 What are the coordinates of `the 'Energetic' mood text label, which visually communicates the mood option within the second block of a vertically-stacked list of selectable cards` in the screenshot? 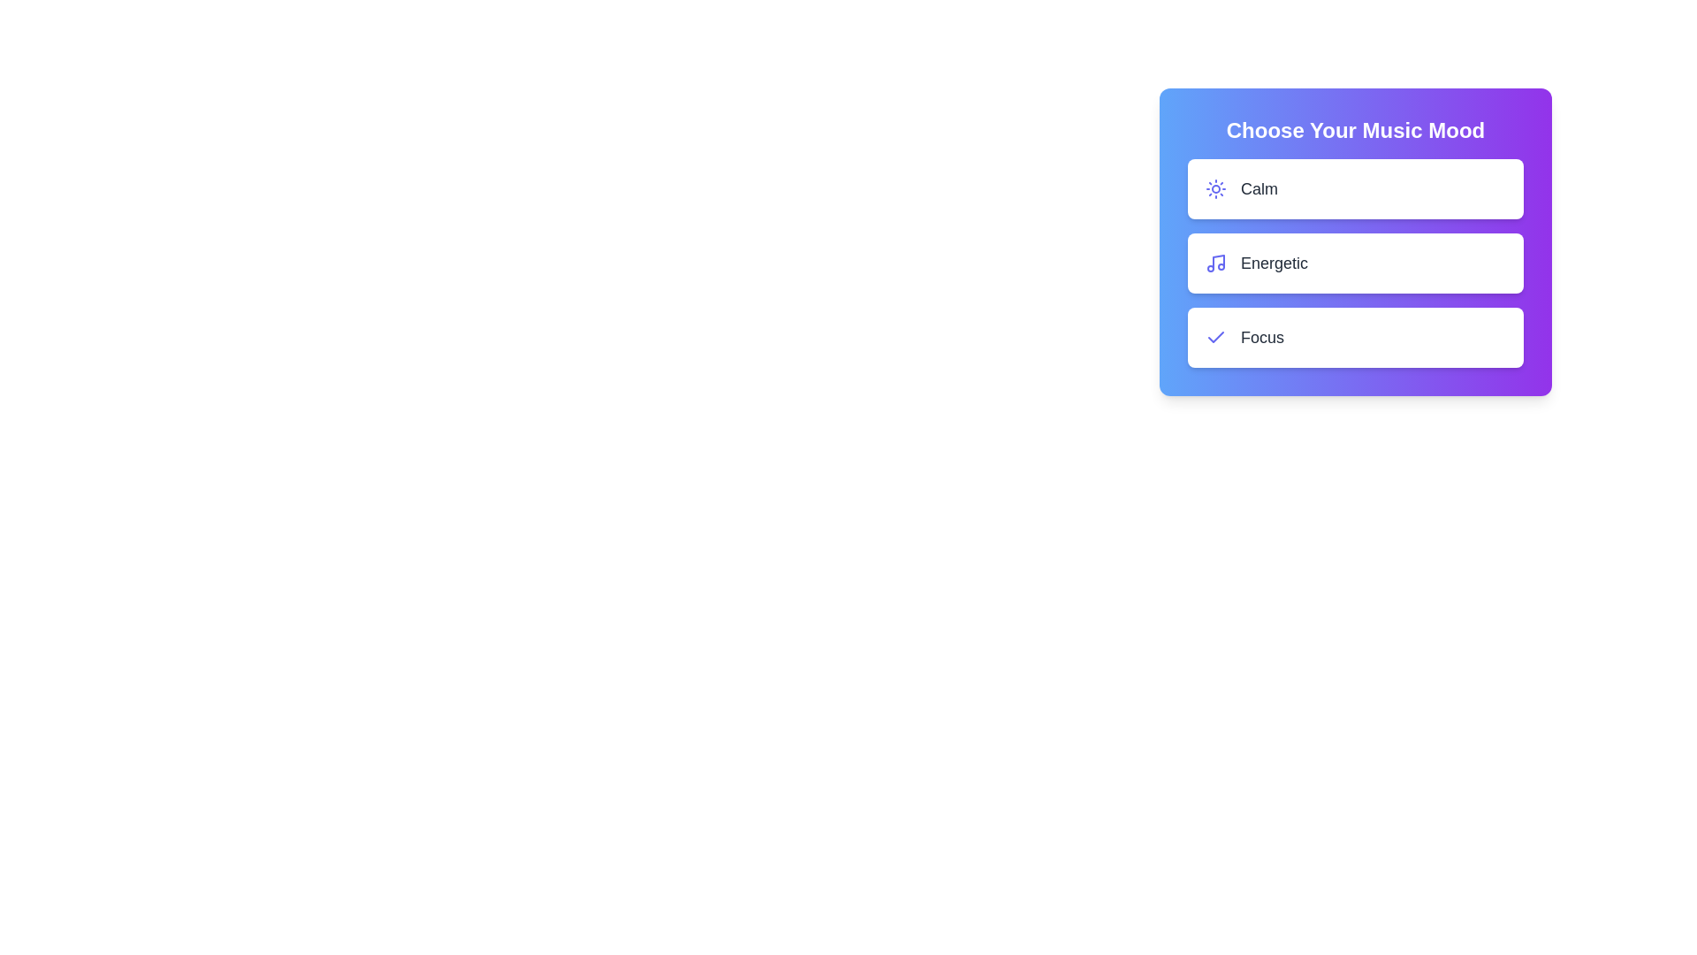 It's located at (1275, 263).